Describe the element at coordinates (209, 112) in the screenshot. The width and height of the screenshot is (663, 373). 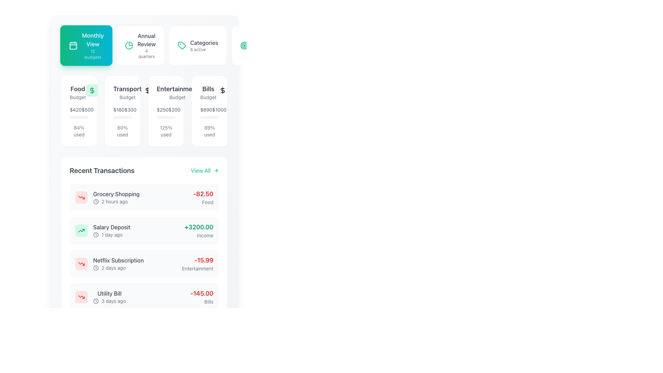
I see `the text display that shows the current used amount and total budget in the 'Bills' section, positioned below the 'Budget' text and above the progress bar` at that location.